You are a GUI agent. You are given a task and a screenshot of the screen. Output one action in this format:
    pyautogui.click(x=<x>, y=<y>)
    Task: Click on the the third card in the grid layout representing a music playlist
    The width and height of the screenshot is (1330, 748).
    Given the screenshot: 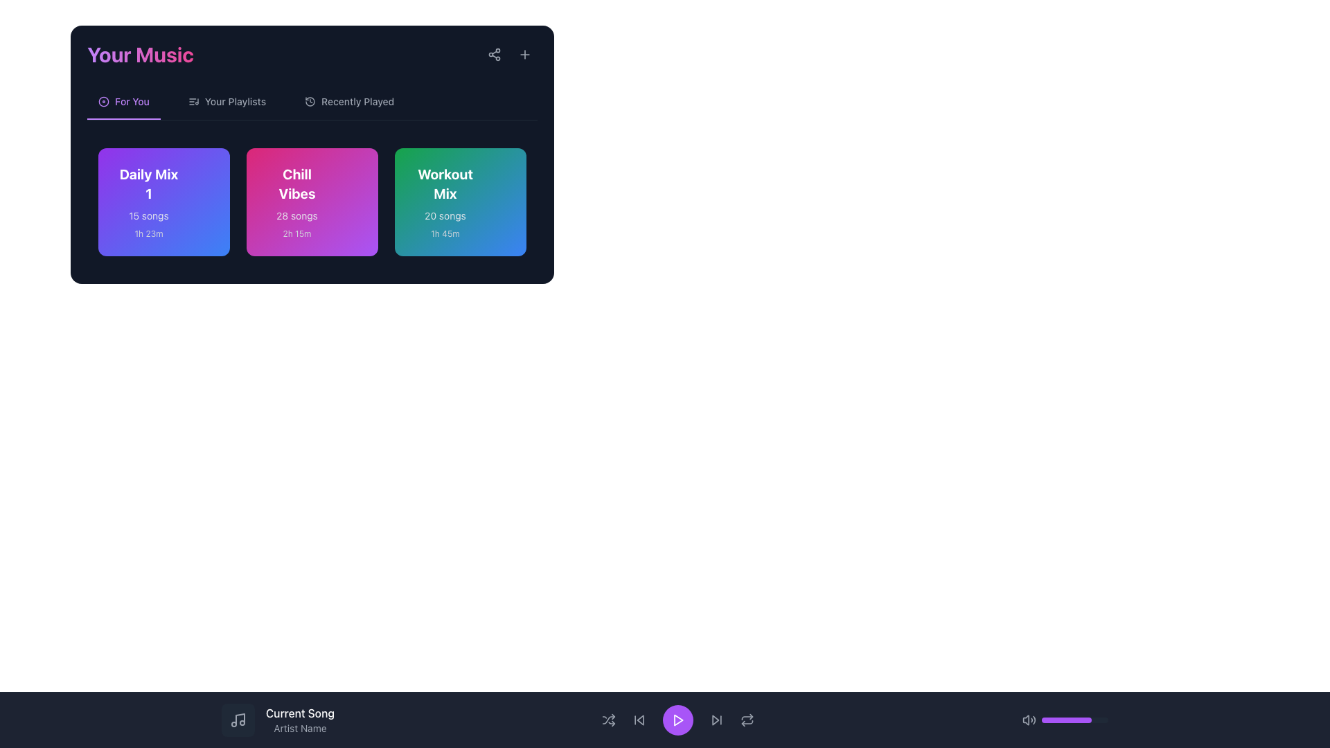 What is the action you would take?
    pyautogui.click(x=461, y=202)
    